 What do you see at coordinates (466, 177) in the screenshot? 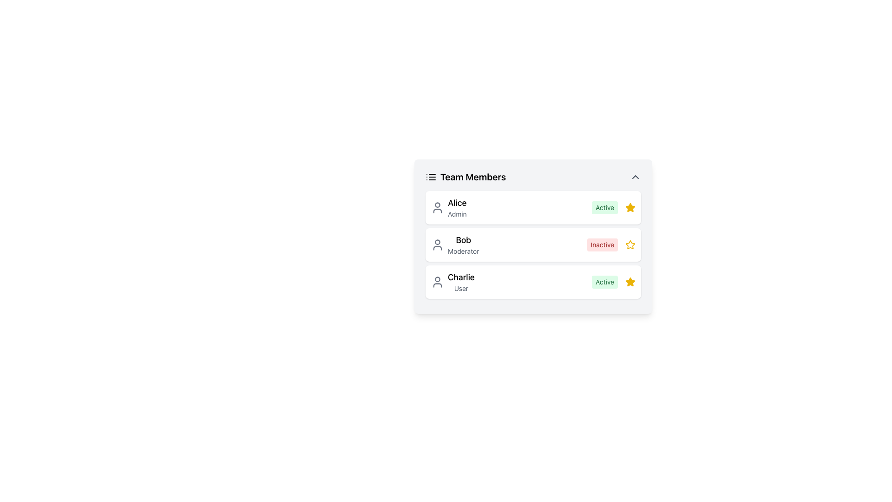
I see `the Label or Heading with an Icon that serves as the title for the team members section` at bounding box center [466, 177].